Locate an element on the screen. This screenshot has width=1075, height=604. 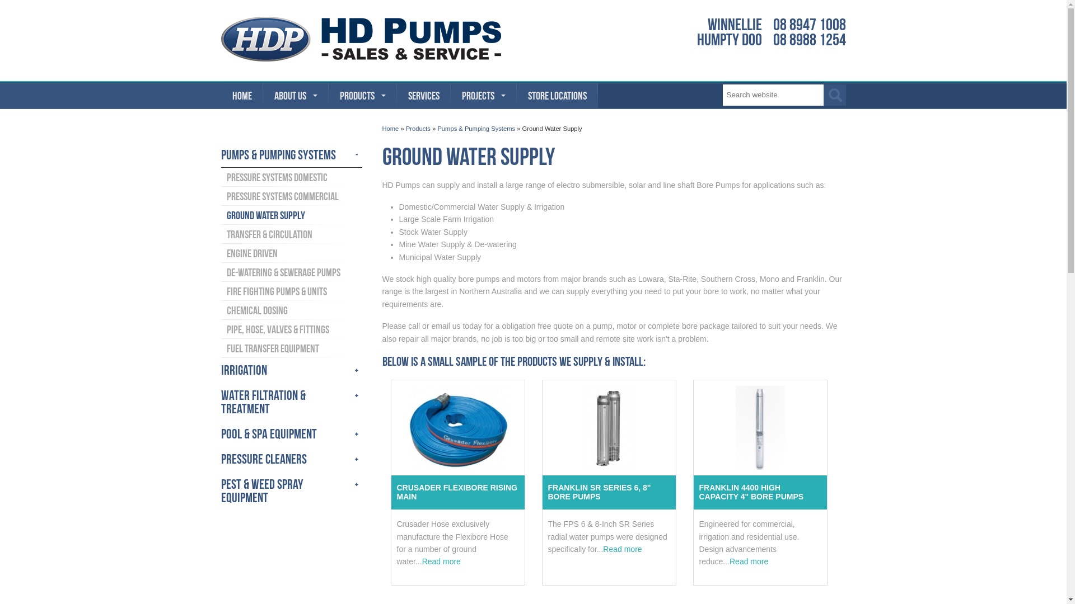
'FRANKLIN SR SERIES 6, 8" BORE PUMPS' is located at coordinates (542, 492).